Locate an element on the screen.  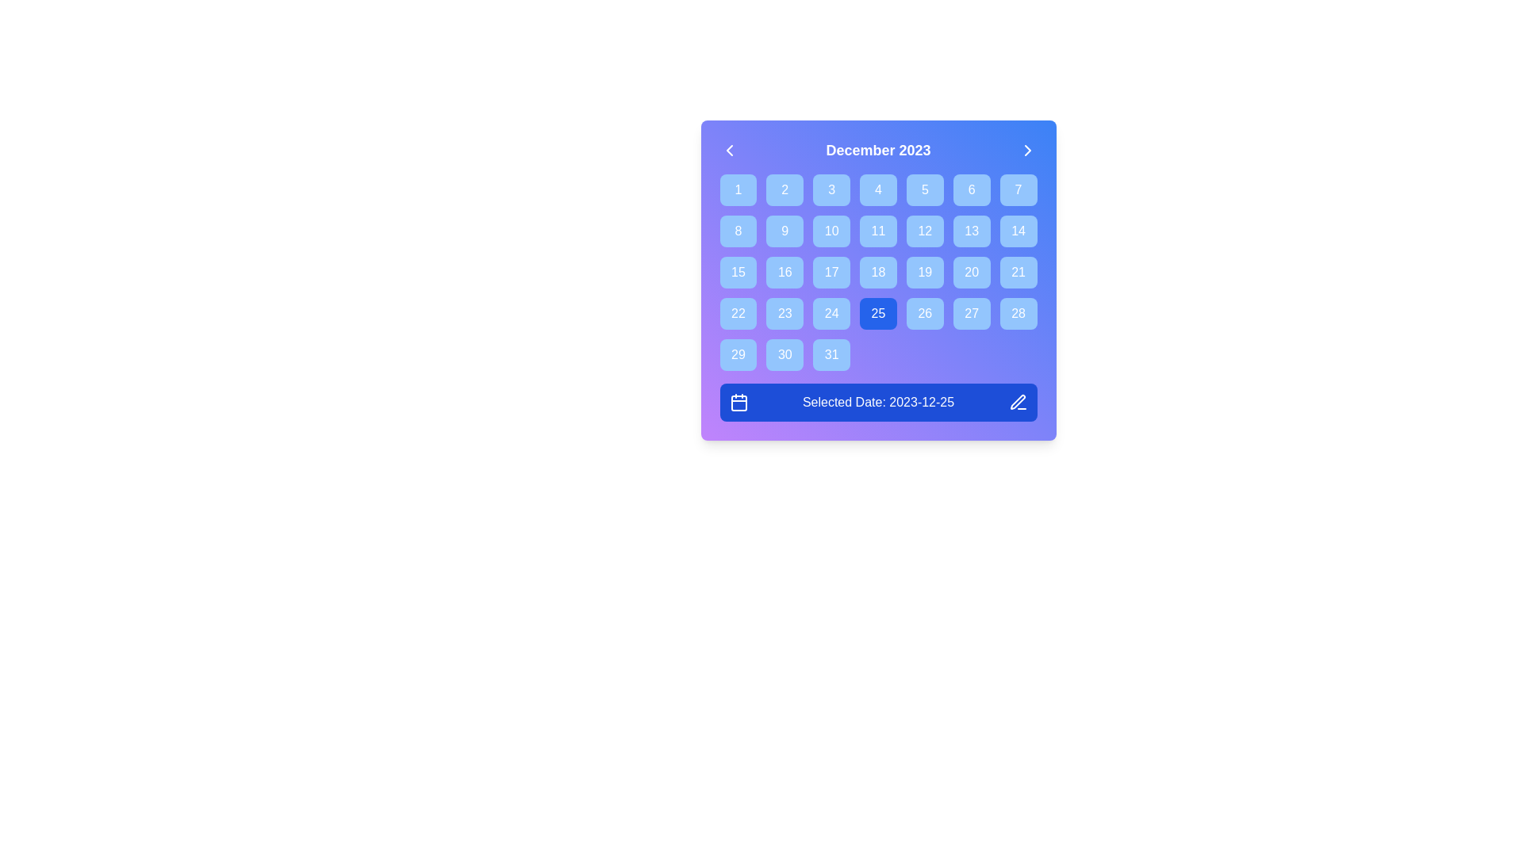
the rounded rectangular button with a light blue background and white numeral '3' in a calendar interface is located at coordinates (831, 189).